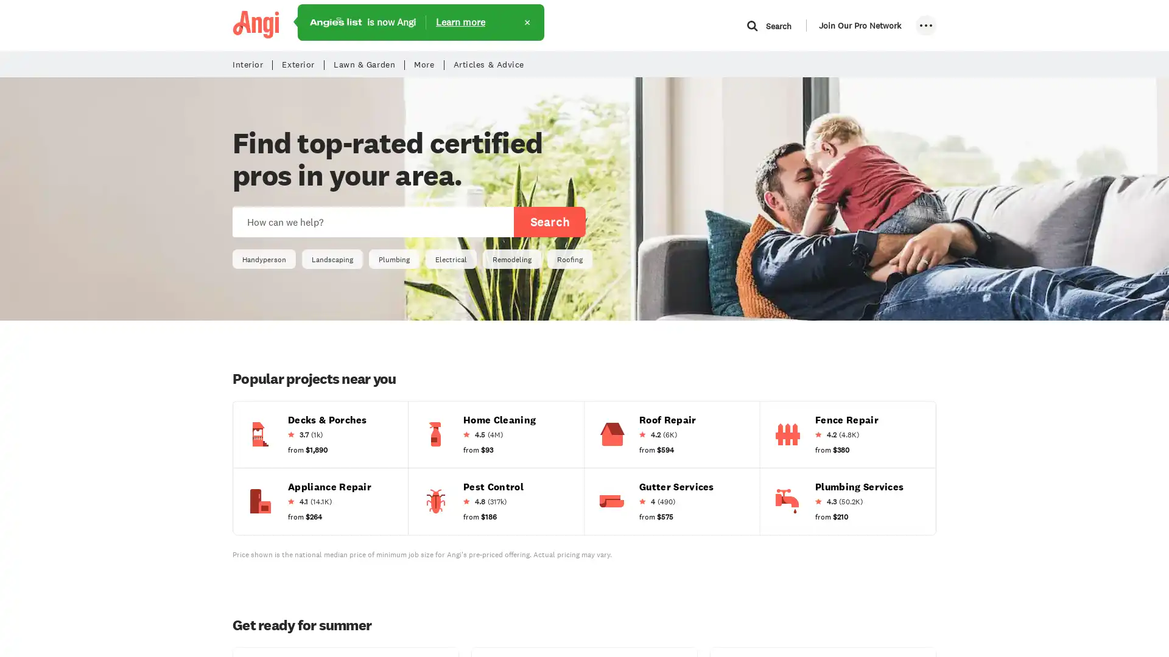 The width and height of the screenshot is (1169, 657). What do you see at coordinates (327, 414) in the screenshot?
I see `Submit a request for Decks.` at bounding box center [327, 414].